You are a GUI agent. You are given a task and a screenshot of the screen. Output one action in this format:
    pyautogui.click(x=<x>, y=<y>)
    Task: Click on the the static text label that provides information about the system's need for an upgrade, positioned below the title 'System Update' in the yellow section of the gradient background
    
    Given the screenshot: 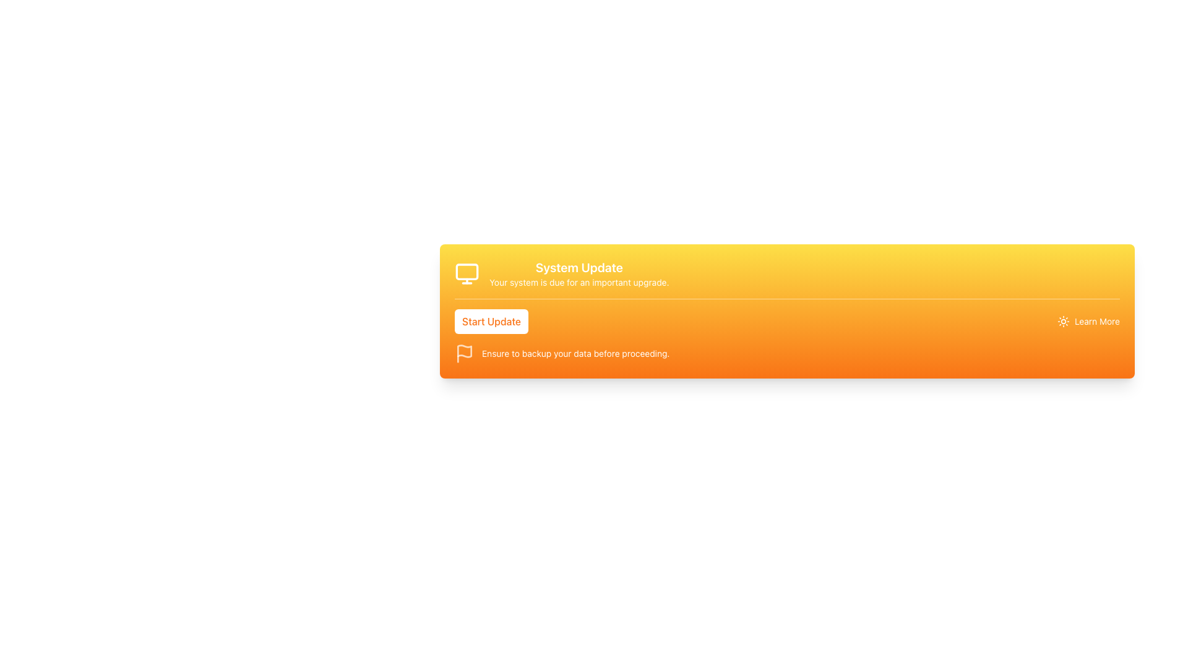 What is the action you would take?
    pyautogui.click(x=579, y=282)
    